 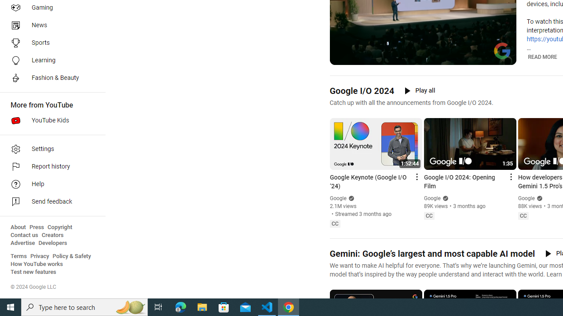 What do you see at coordinates (49, 43) in the screenshot?
I see `'Sports'` at bounding box center [49, 43].